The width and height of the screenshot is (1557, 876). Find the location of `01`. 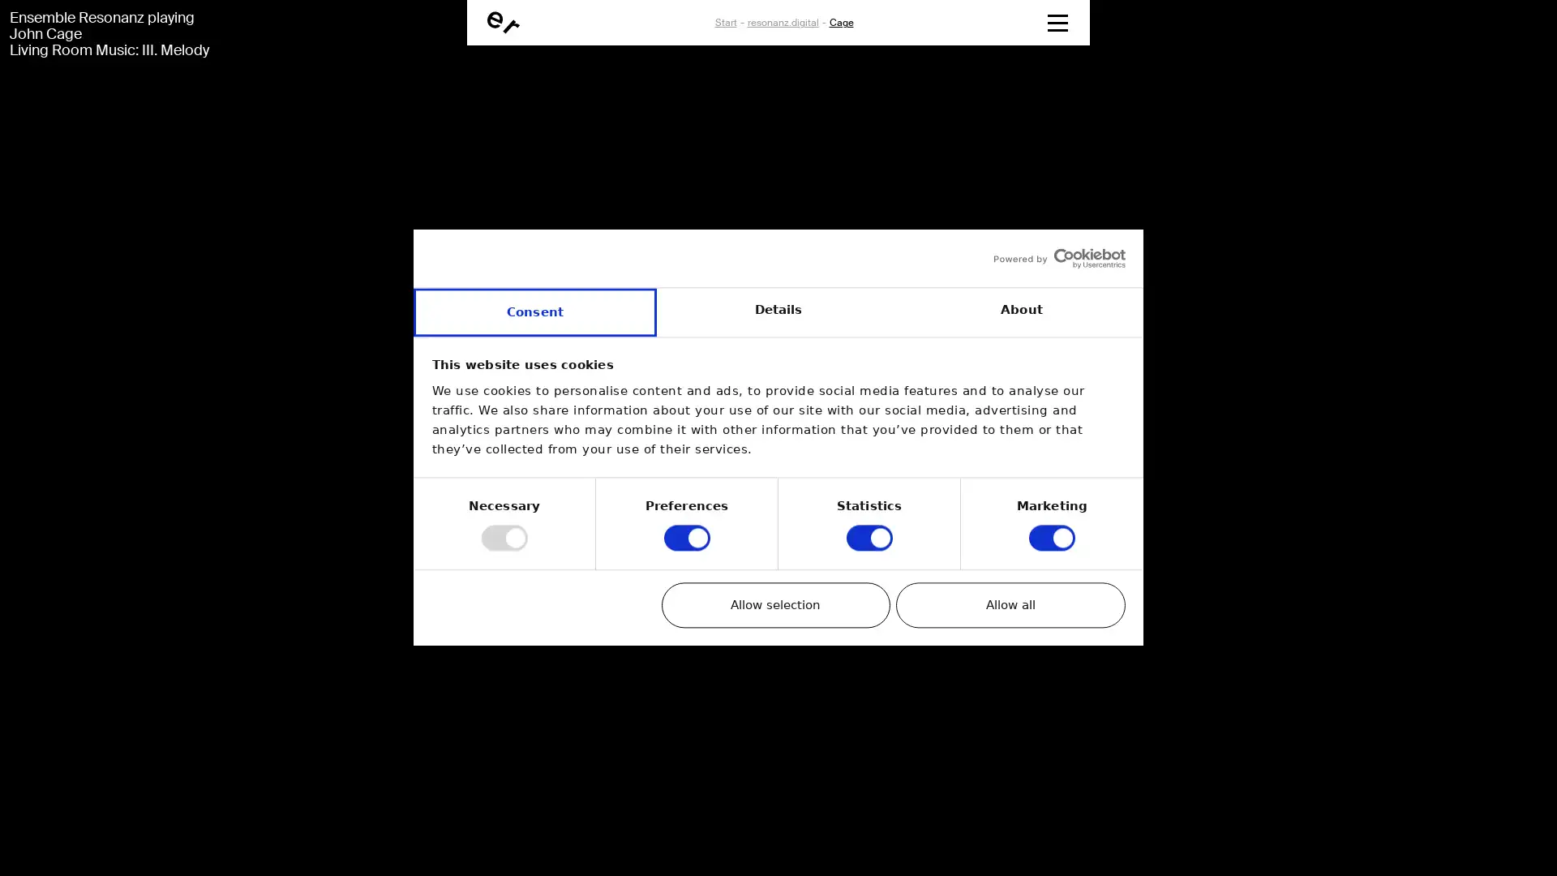

01 is located at coordinates (17, 857).